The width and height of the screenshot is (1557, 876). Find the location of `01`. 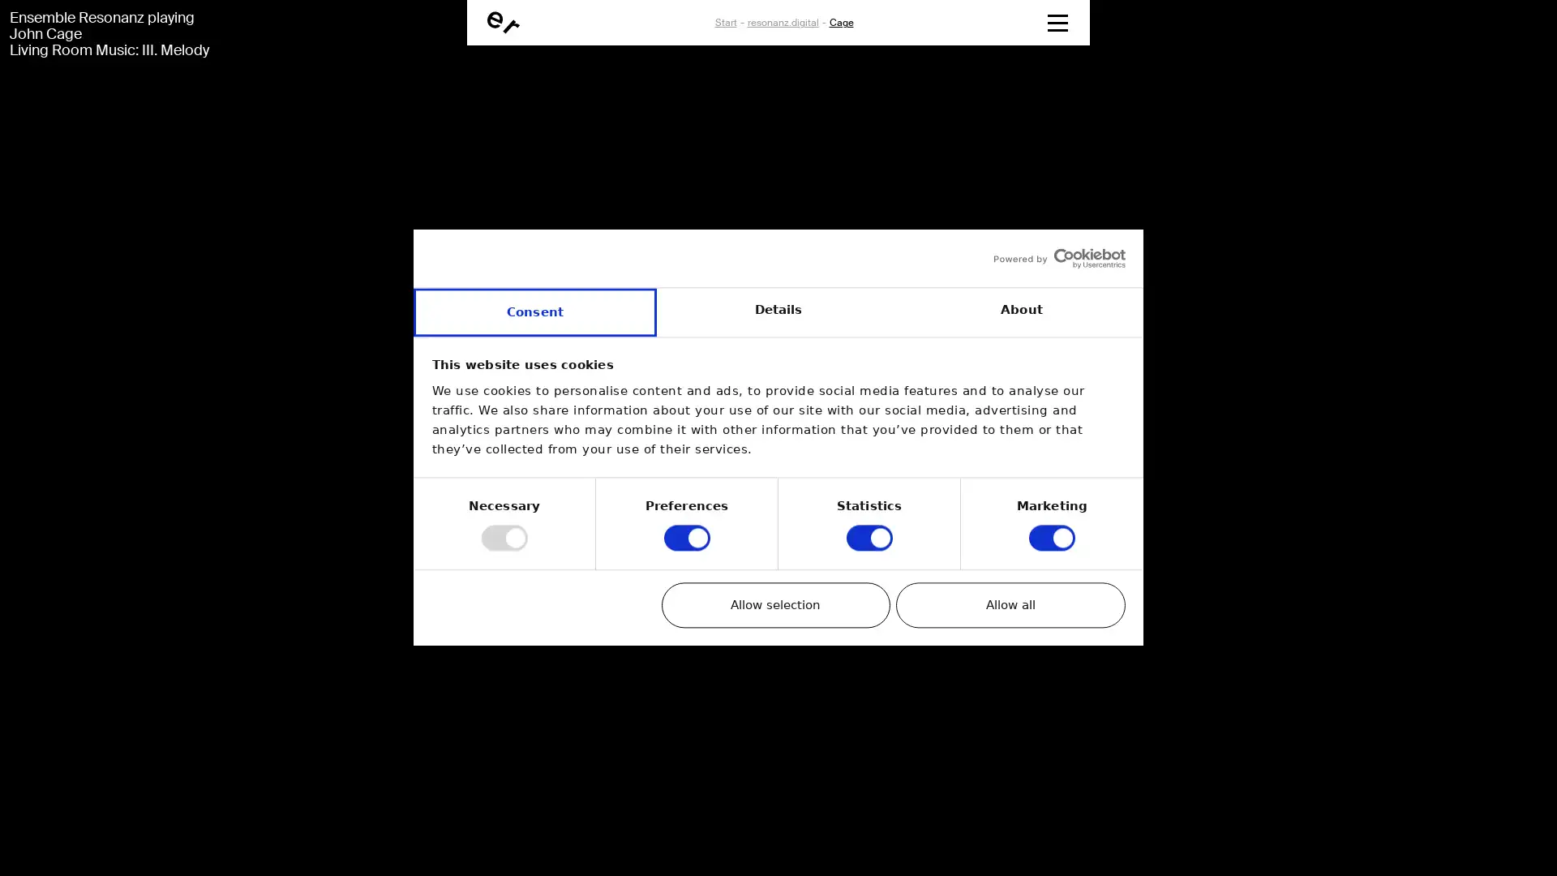

01 is located at coordinates (17, 857).